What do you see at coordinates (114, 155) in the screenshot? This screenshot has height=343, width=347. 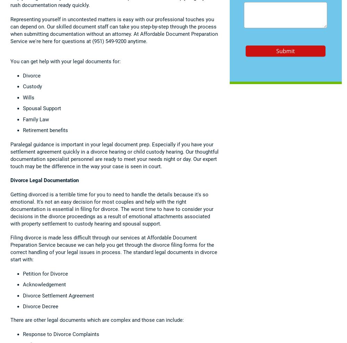 I see `'Paralegal guidance is important in your legal document prep. Especially if you have your settlement agreement quickly in a divorce hearing or child custody hearing. Our thoughtful documentation specialist personnel are ready to meet your needs night or day. Our expert touch may be the difference in the way your case is seen in court.'` at bounding box center [114, 155].